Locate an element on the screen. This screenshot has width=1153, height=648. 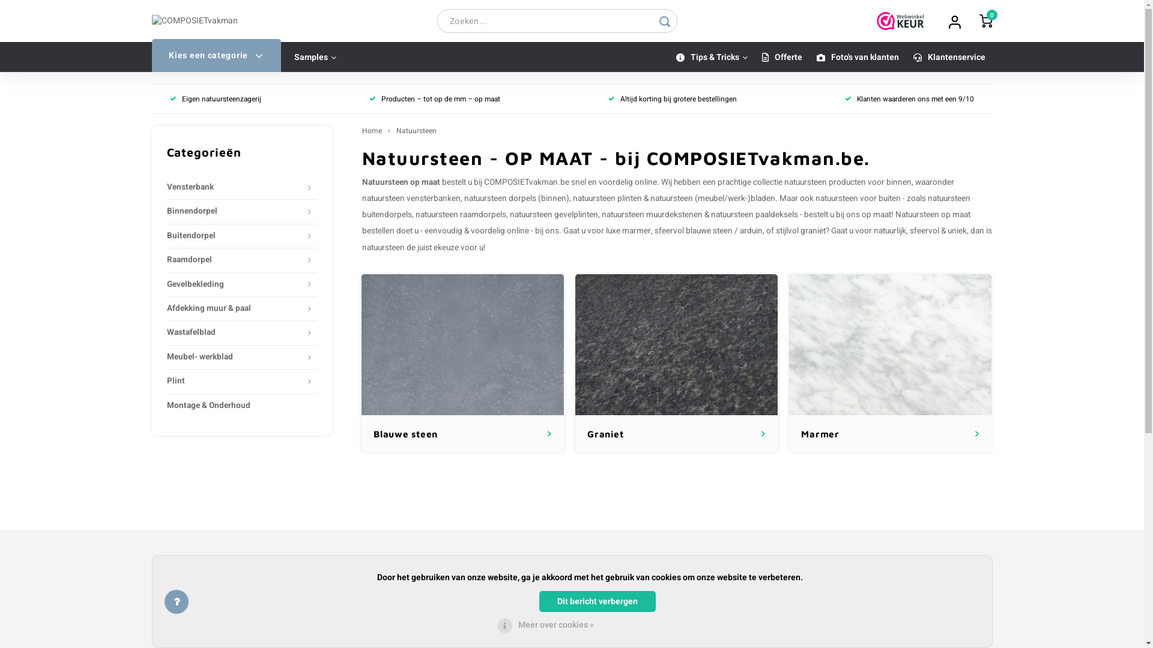
'Afdekking muur & paal' is located at coordinates (166, 308).